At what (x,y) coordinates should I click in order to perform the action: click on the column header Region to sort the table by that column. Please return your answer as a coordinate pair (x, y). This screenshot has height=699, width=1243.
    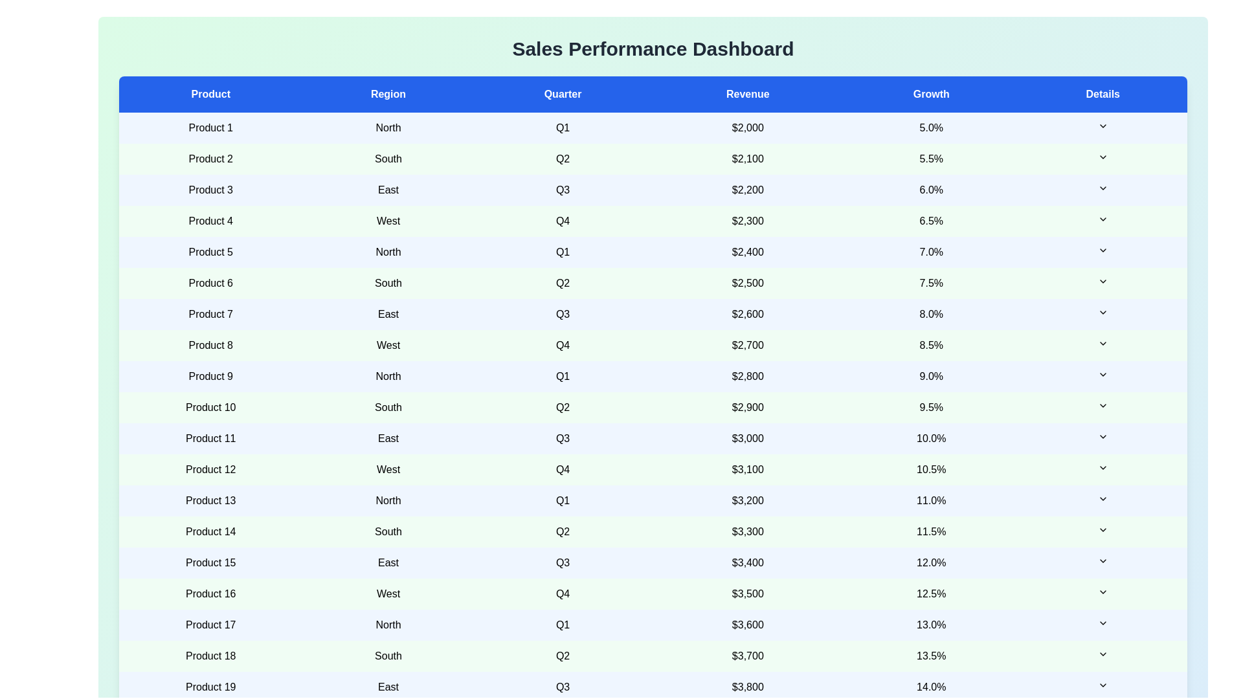
    Looking at the image, I should click on (388, 94).